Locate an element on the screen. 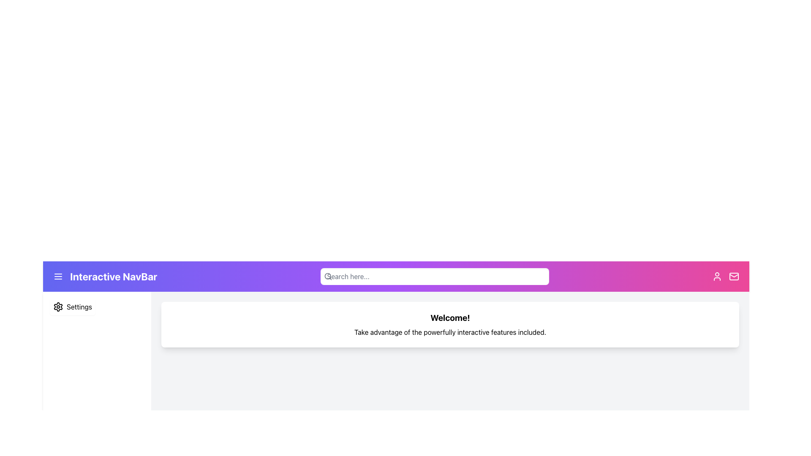  the SVG rectangle that forms part of the envelope icon in the top-right corner of the navigation bar is located at coordinates (733, 277).